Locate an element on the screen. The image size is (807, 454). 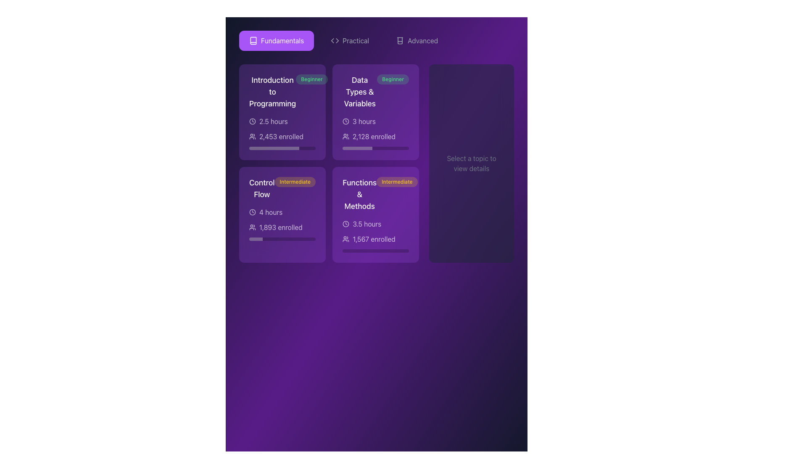
badge-like label with the text 'Intermediate' in yellow, located within the 'Control Flow' card, by clicking on its center is located at coordinates (295, 181).